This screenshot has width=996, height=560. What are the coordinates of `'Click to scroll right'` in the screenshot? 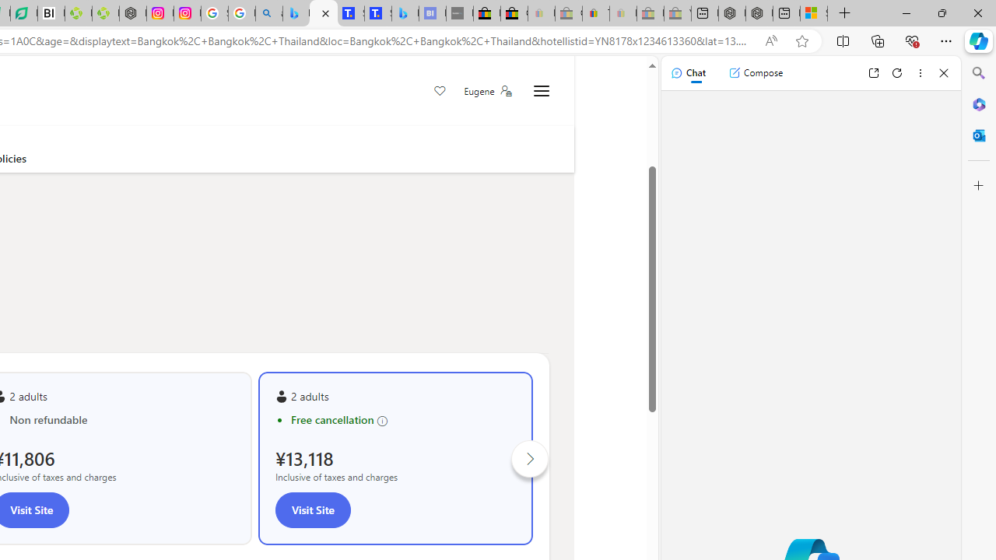 It's located at (530, 457).